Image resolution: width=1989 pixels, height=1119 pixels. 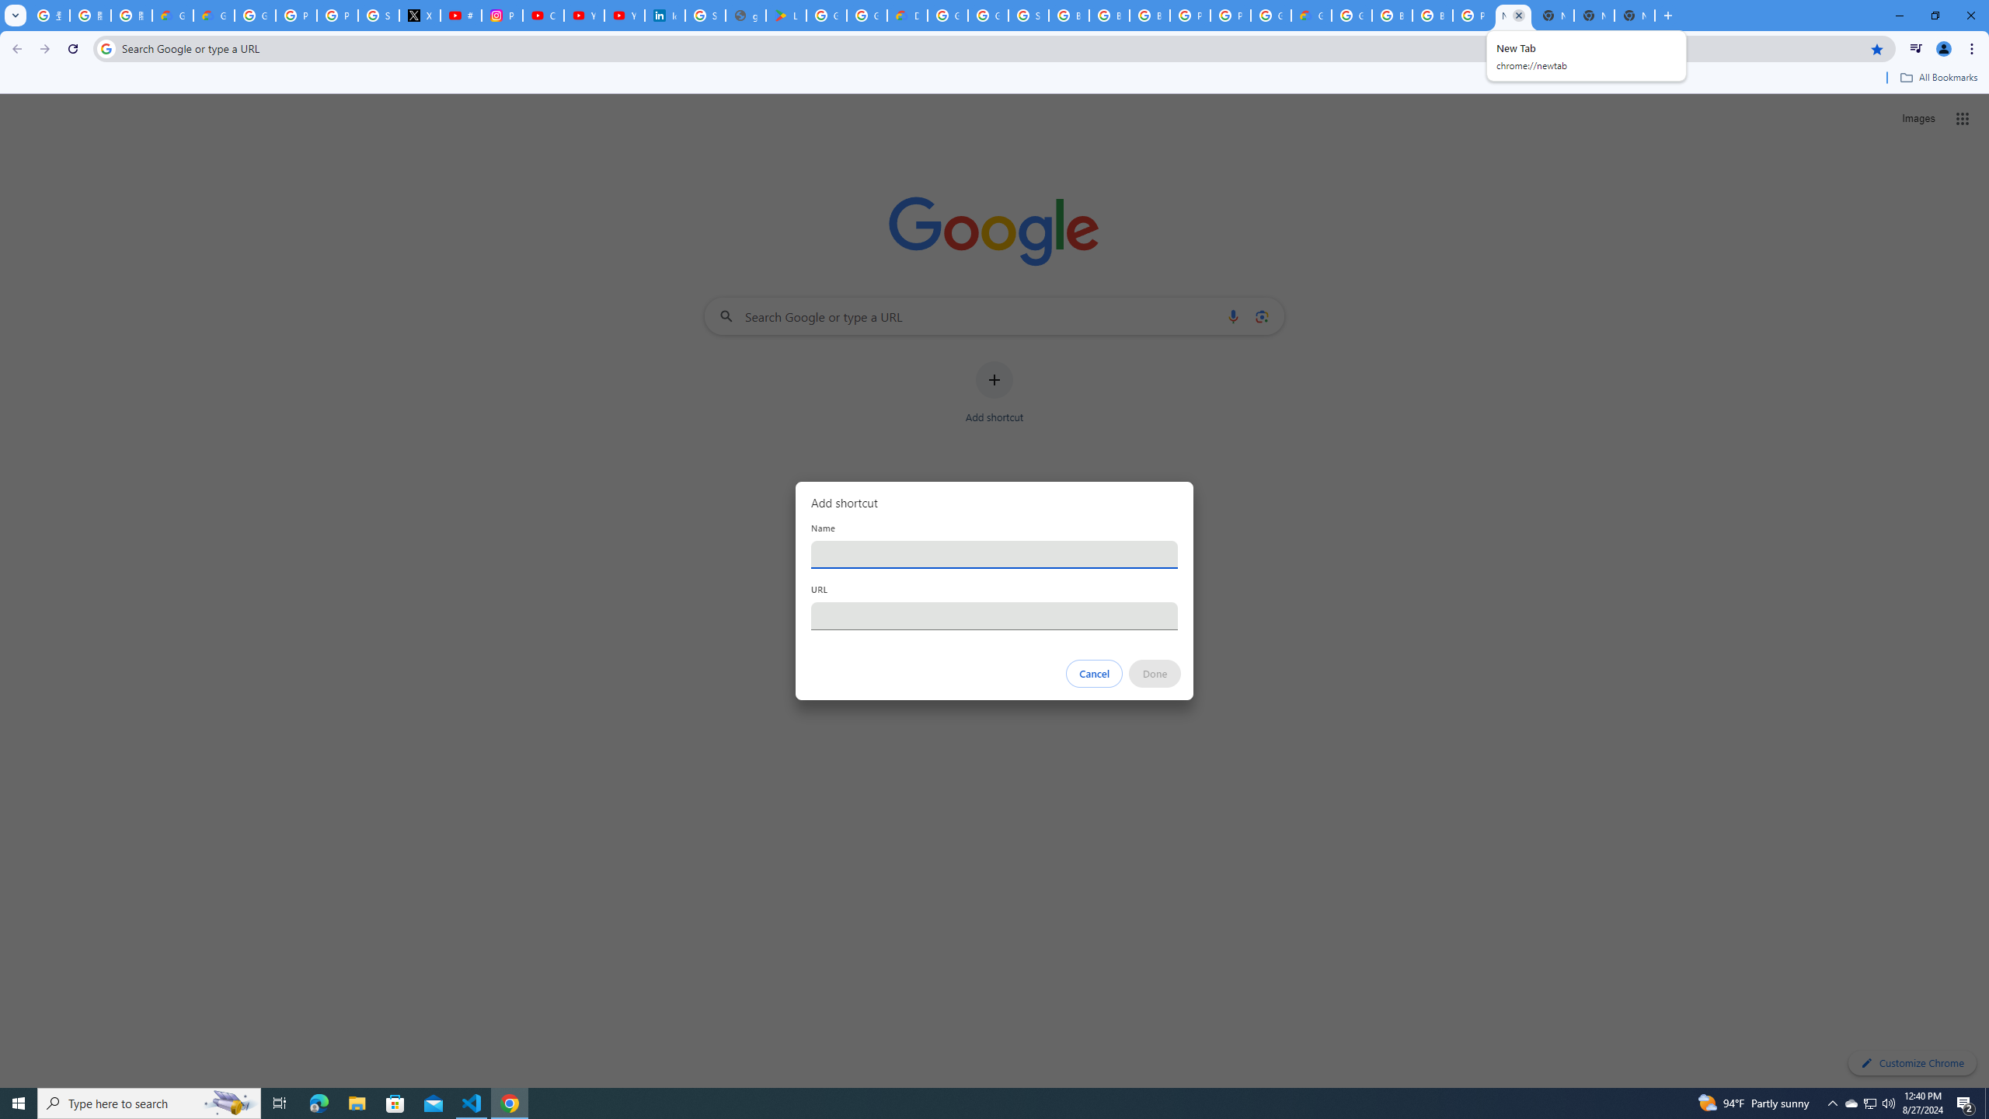 What do you see at coordinates (1095, 673) in the screenshot?
I see `'Cancel'` at bounding box center [1095, 673].